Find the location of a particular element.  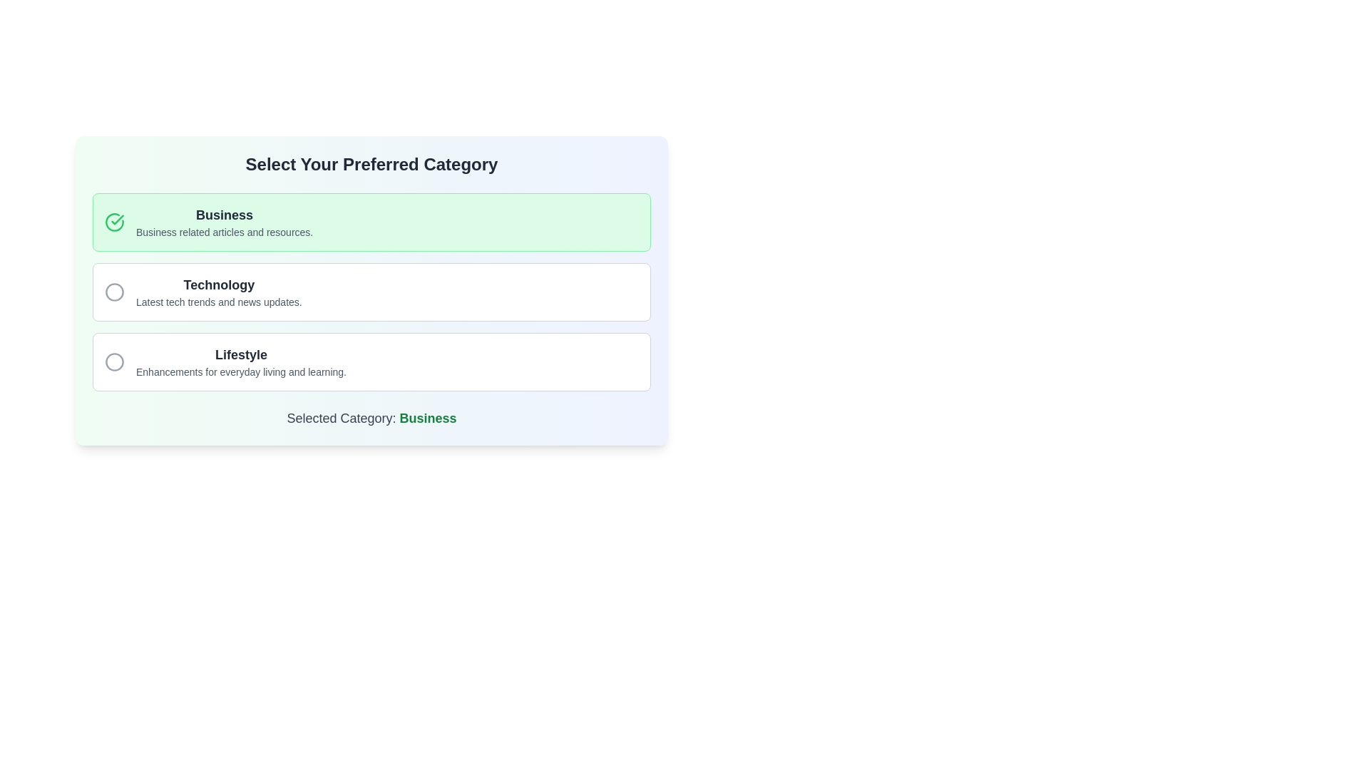

text content of the Text element displaying the title 'Business' and the description 'Business related articles and resources', located in the topmost category card under 'Select Your Preferred Category' is located at coordinates (224, 222).